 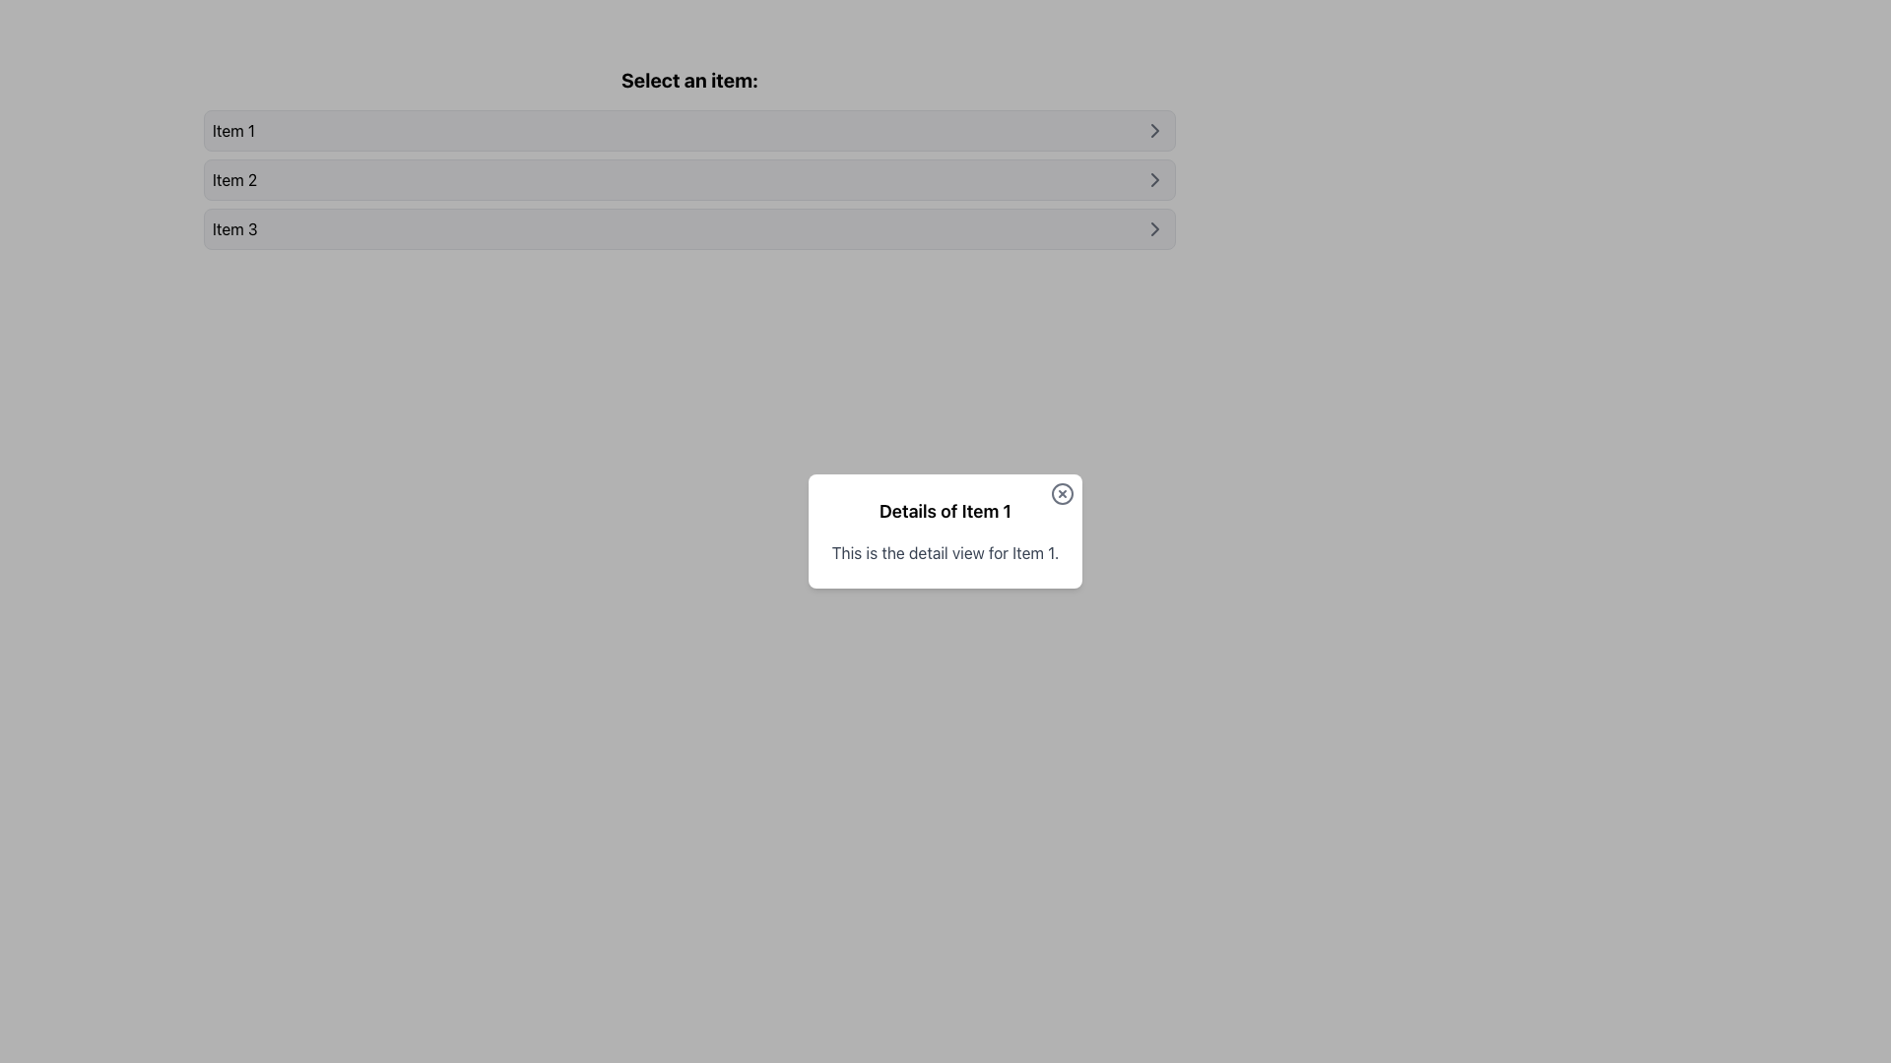 What do you see at coordinates (1154, 179) in the screenshot?
I see `the right-pointing chevron icon located in the rightmost segment of the list item associated with 'Item 2'` at bounding box center [1154, 179].